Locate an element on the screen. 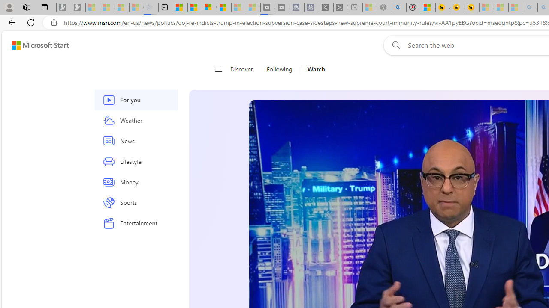  'Newsletter Sign Up - Sleeping' is located at coordinates (78, 7).